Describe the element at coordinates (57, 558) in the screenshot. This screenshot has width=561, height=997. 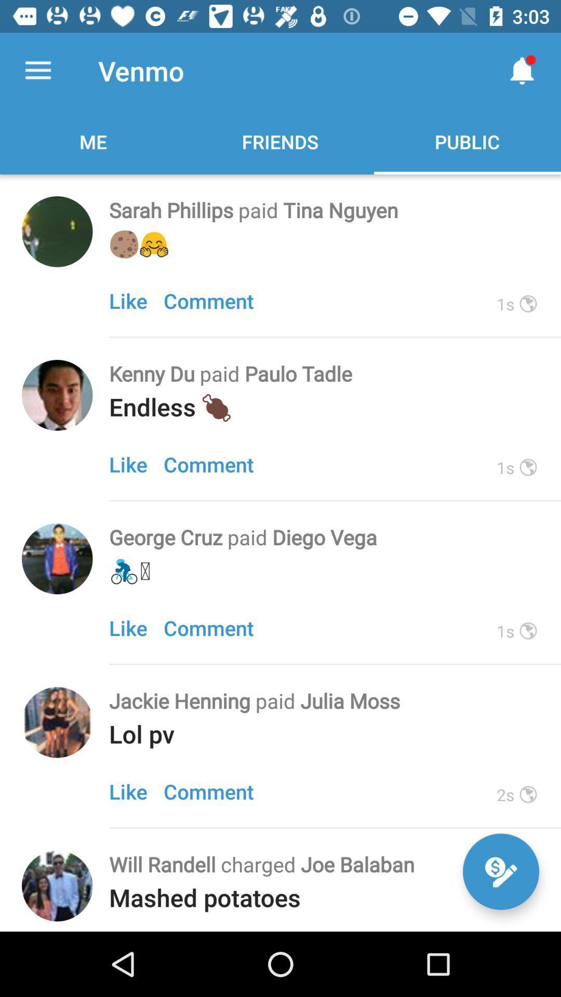
I see `open profile` at that location.